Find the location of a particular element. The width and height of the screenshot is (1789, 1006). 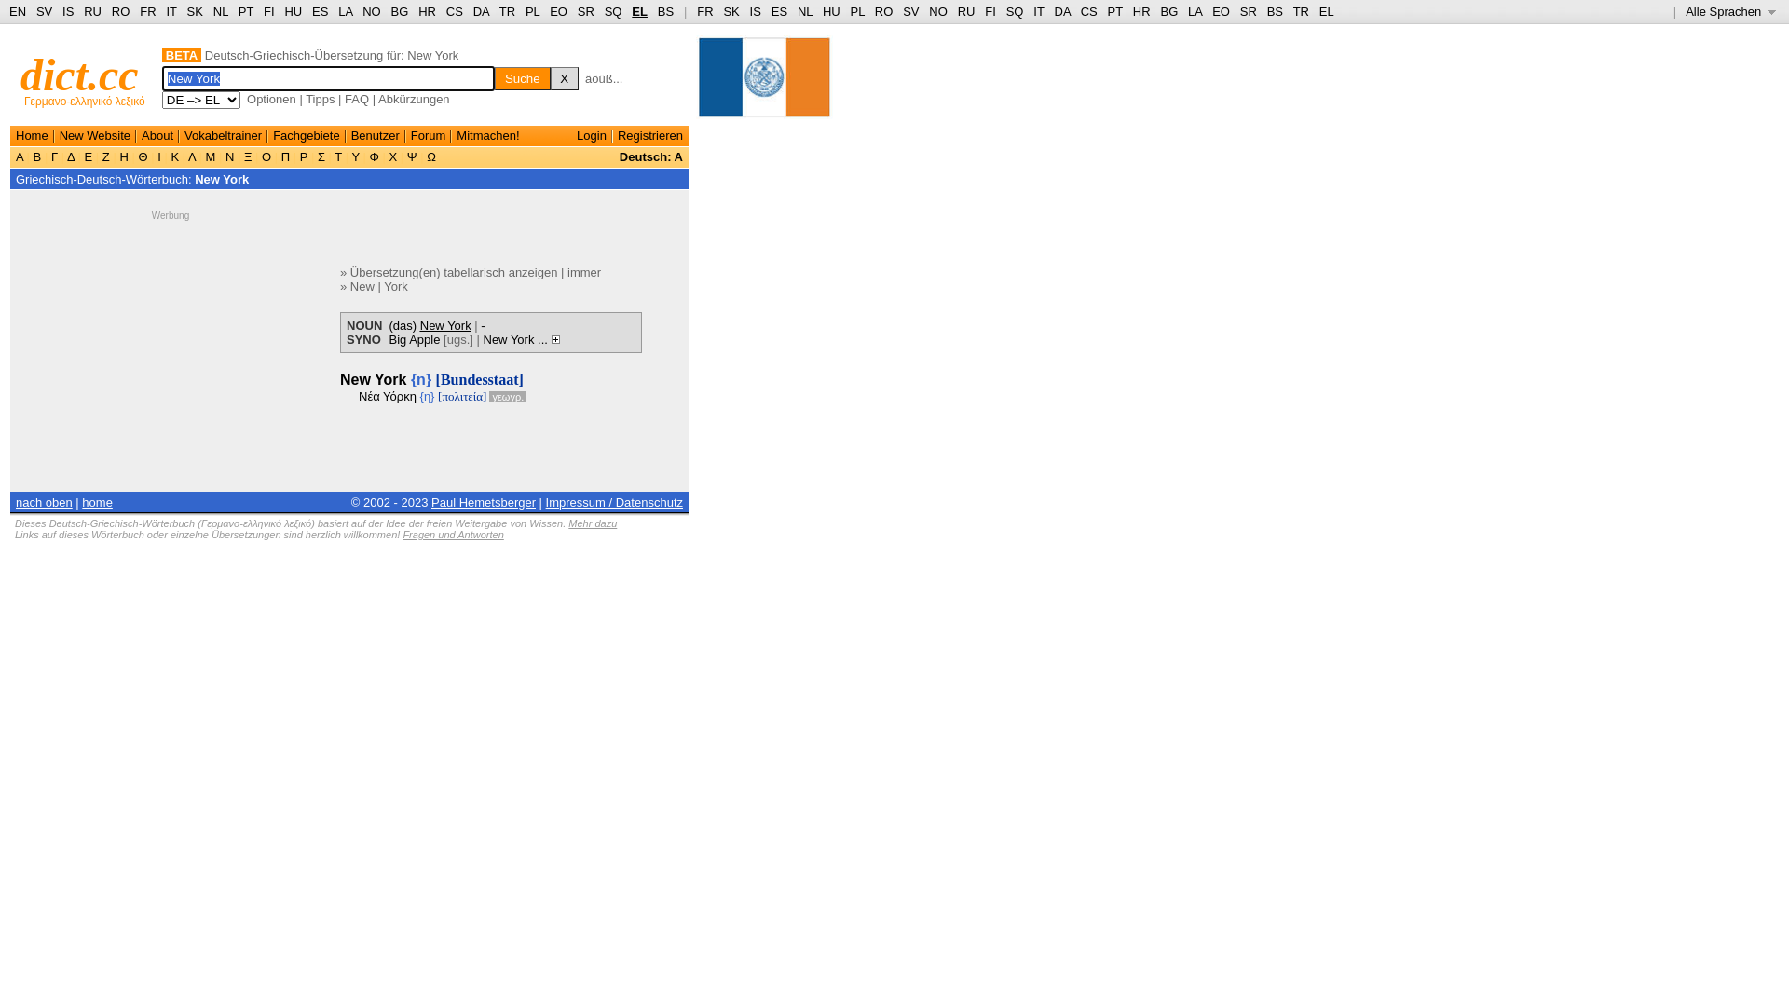

'RO' is located at coordinates (119, 11).